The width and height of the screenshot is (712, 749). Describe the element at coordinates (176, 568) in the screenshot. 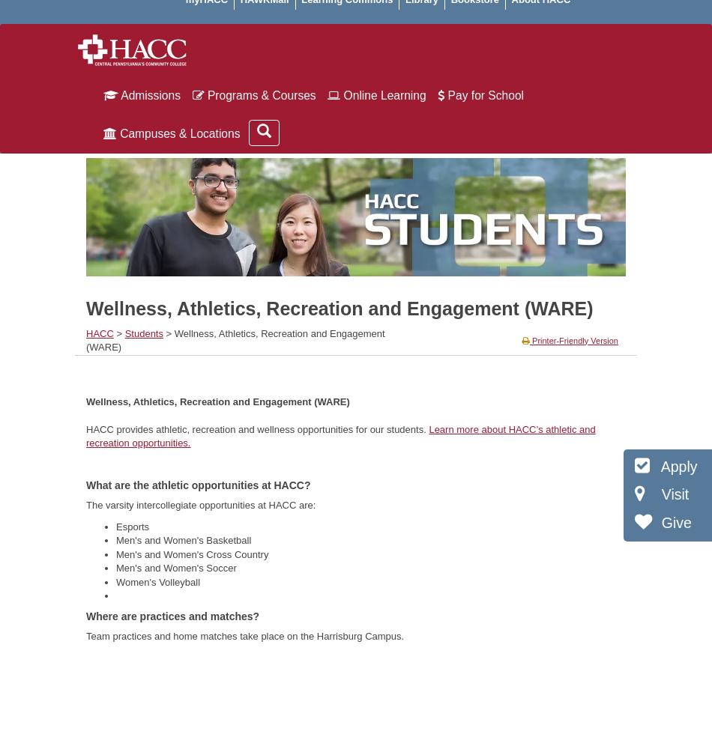

I see `'Men's and Women's Soccer'` at that location.